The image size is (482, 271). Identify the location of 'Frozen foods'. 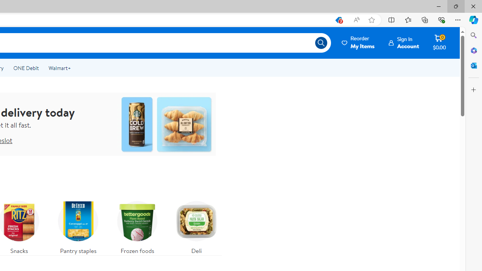
(137, 225).